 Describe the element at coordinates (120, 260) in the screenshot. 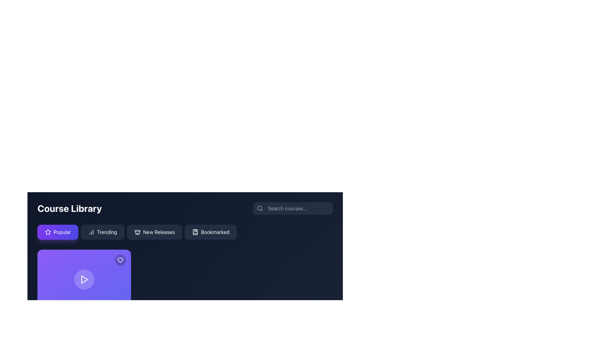

I see `the heart icon located at the top-right corner of the card to like or favorite the content item` at that location.